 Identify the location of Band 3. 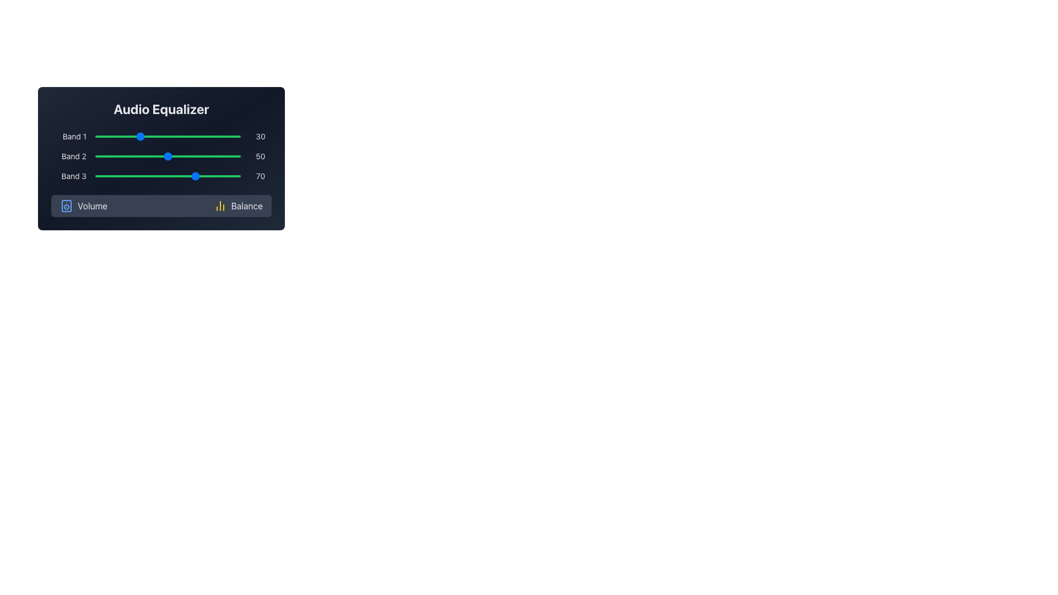
(164, 176).